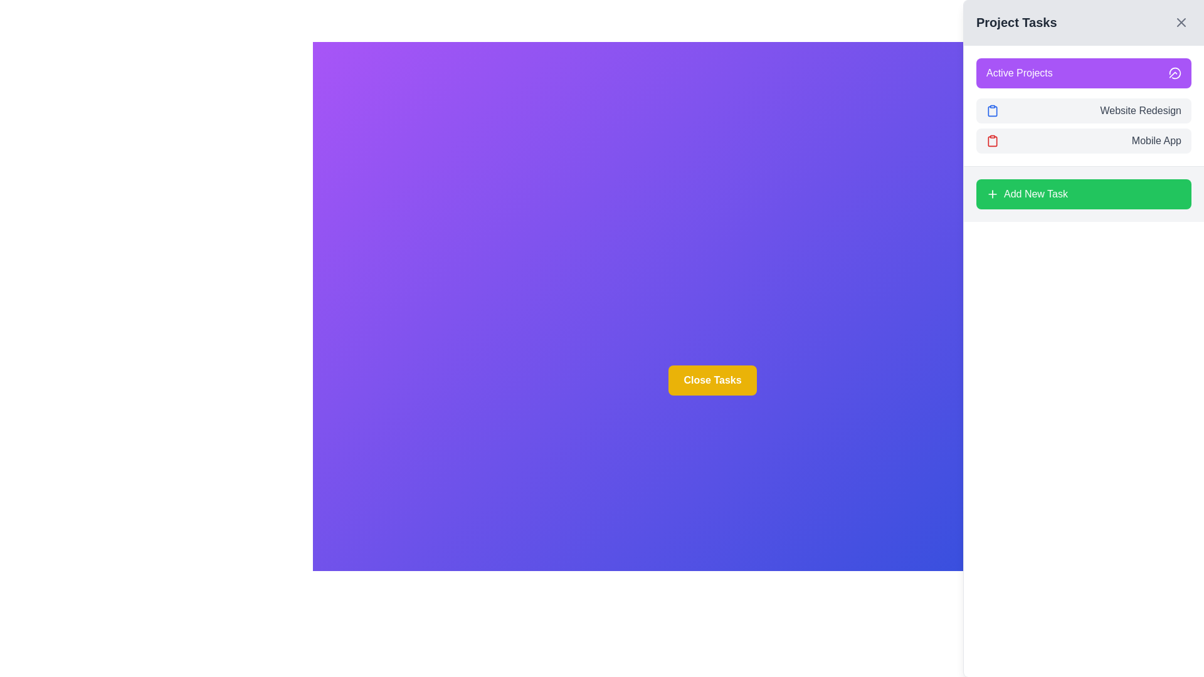 This screenshot has width=1204, height=677. Describe the element at coordinates (1083, 140) in the screenshot. I see `the 'Mobile App' task entry in the vertical list under the 'Project Tasks' title` at that location.